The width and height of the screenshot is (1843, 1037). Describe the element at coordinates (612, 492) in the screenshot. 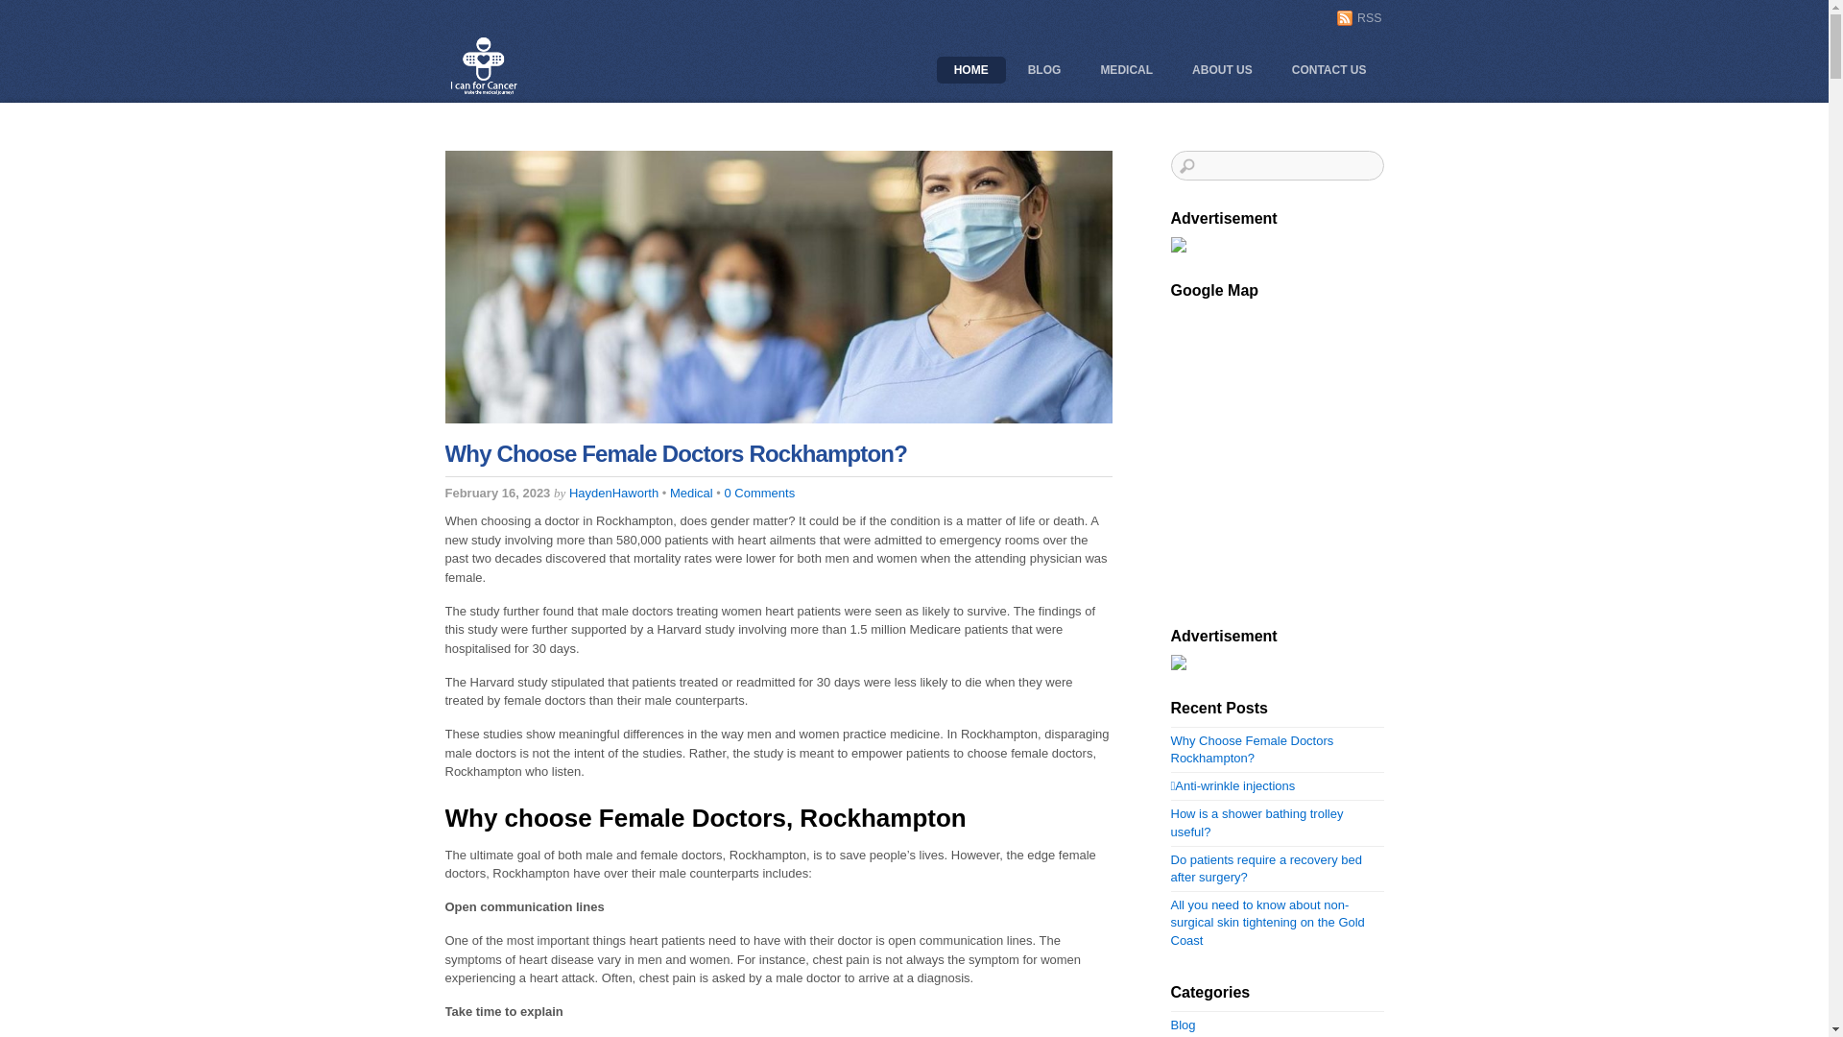

I see `'HaydenHaworth'` at that location.